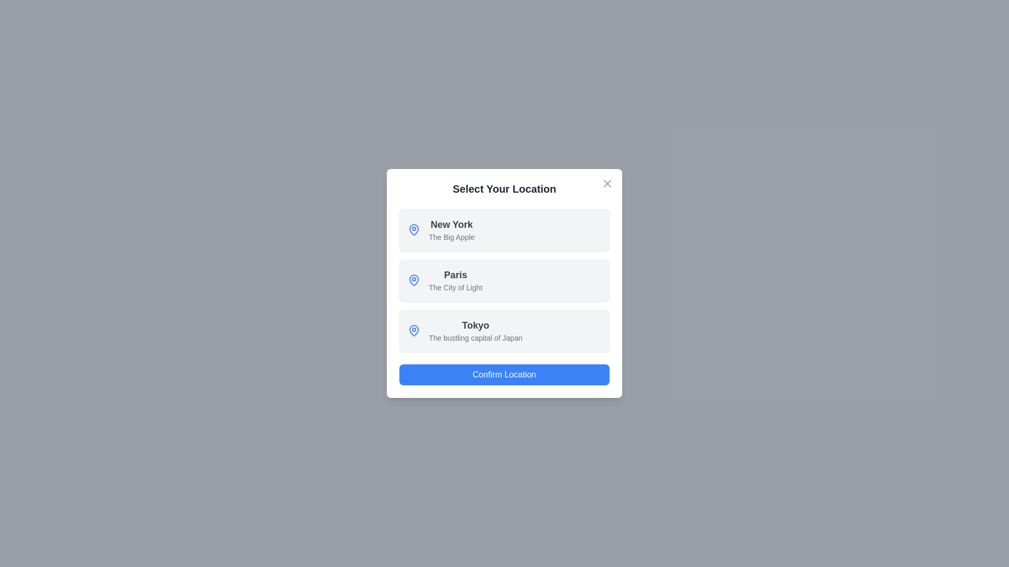  Describe the element at coordinates (413, 279) in the screenshot. I see `the map pin icon for Paris` at that location.